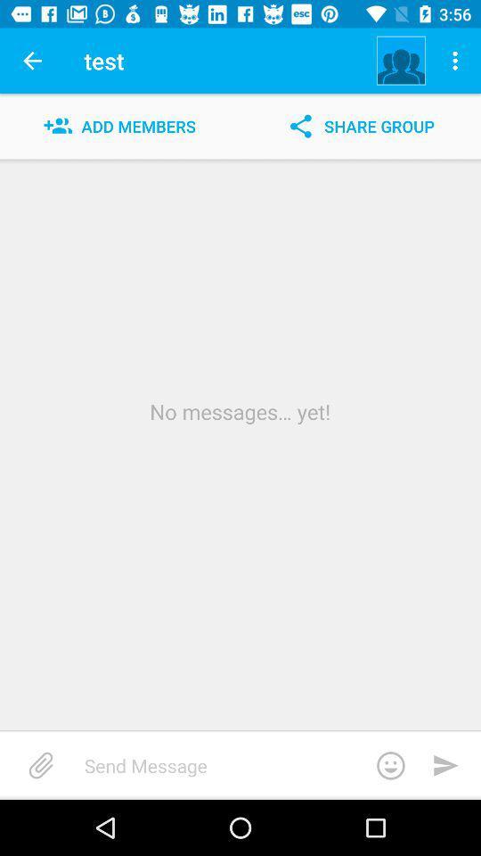 Image resolution: width=481 pixels, height=856 pixels. Describe the element at coordinates (401, 61) in the screenshot. I see `the icon next to test` at that location.